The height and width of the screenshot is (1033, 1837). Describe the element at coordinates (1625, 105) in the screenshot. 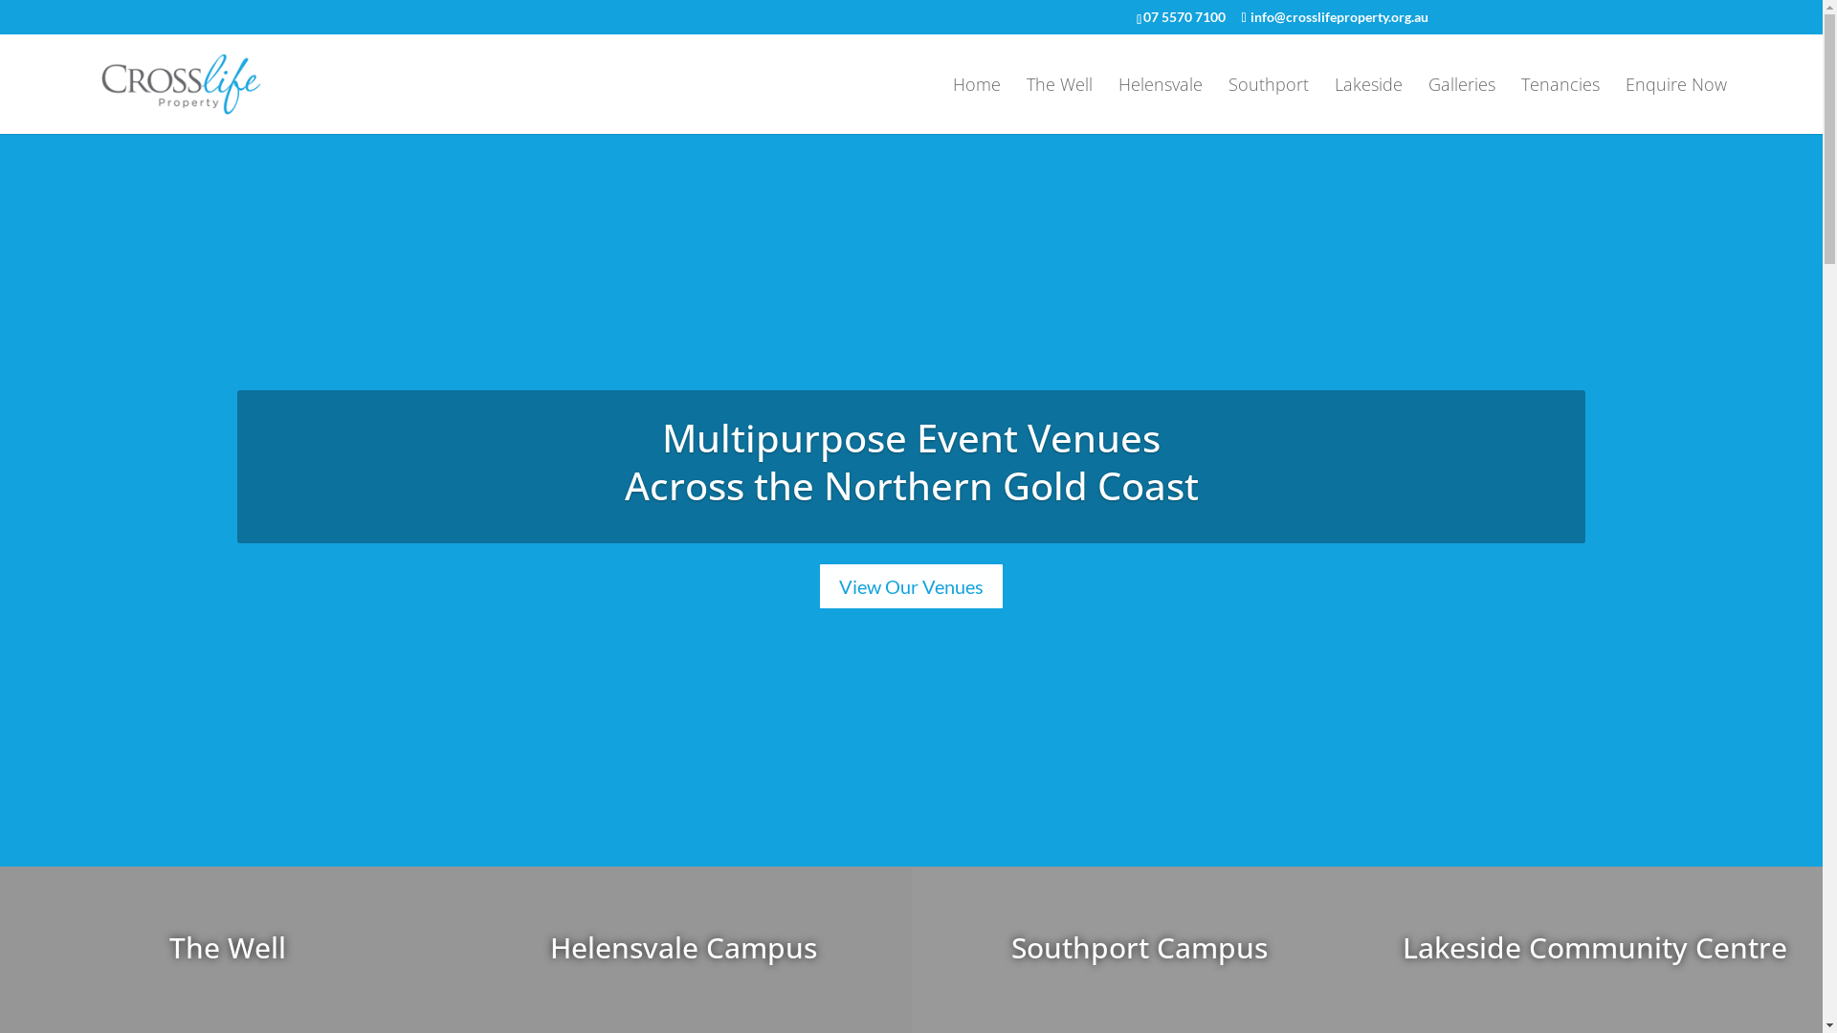

I see `'Enquire Now'` at that location.